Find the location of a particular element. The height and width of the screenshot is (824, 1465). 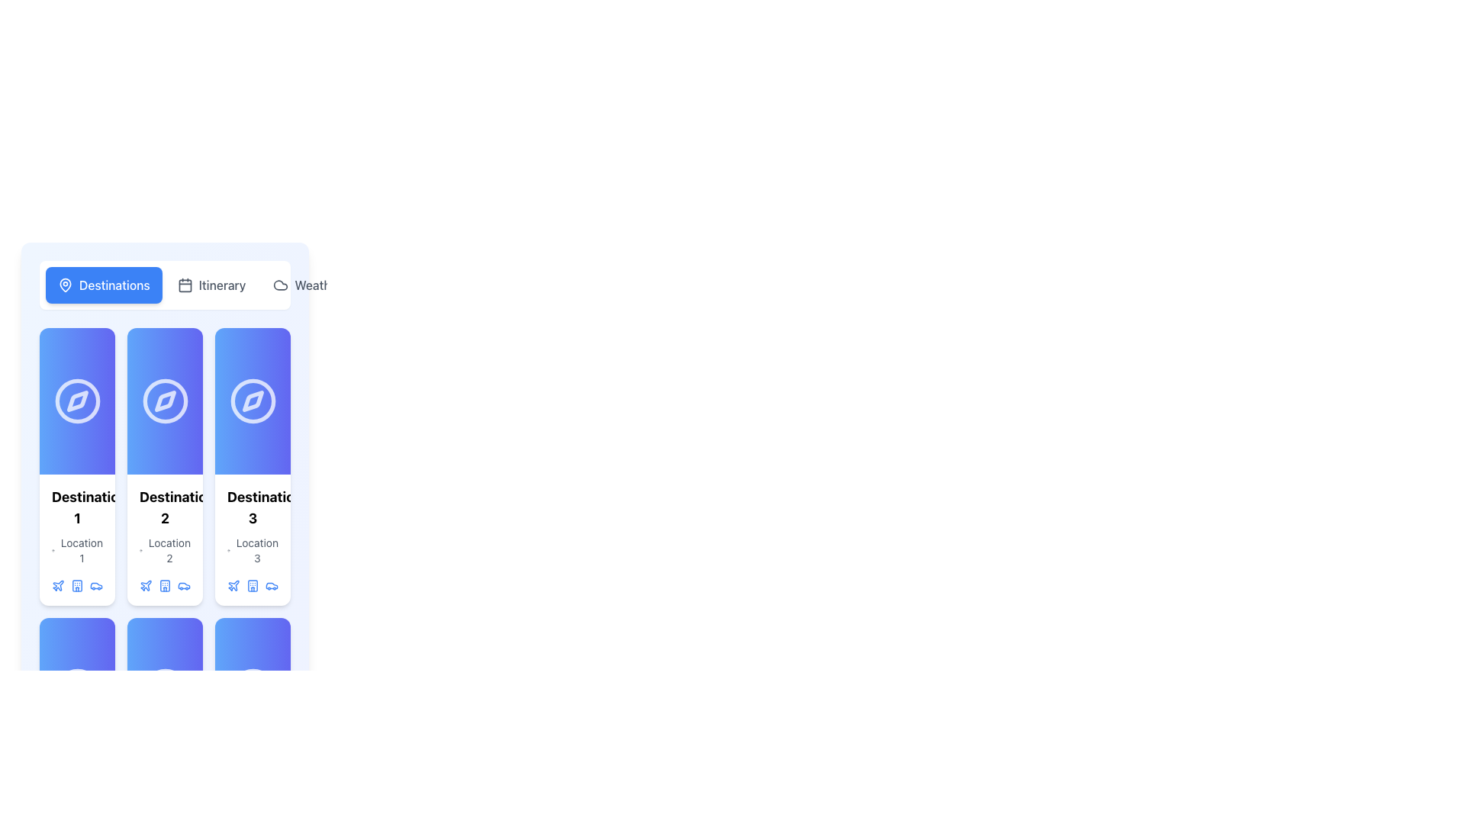

the hotel-related information icon located in the bottom-right section of the 'Destination 3' panel to initiate related functions is located at coordinates (253, 584).